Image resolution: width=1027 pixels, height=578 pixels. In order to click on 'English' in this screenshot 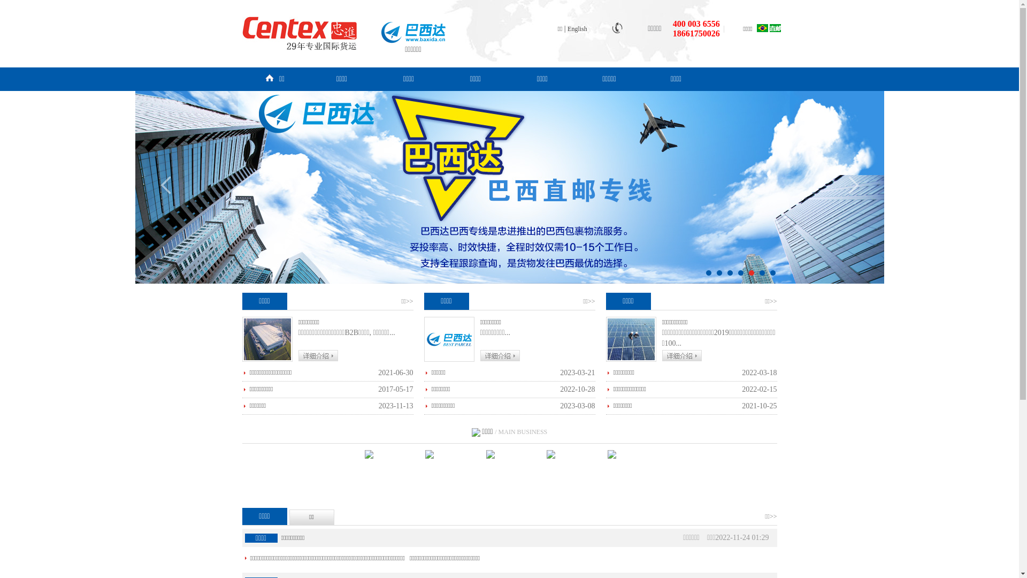, I will do `click(577, 28)`.